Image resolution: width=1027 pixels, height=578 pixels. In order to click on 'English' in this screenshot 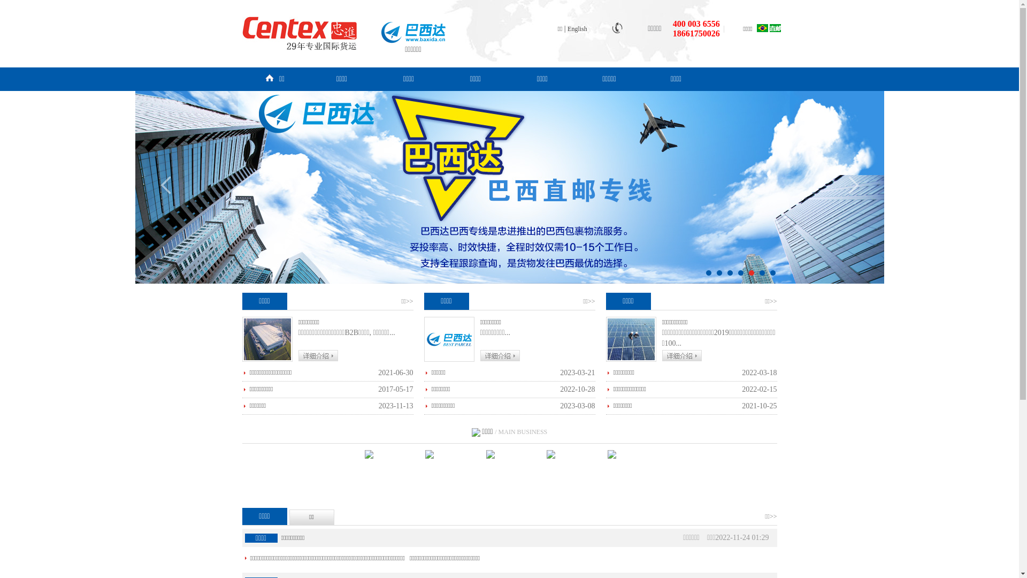, I will do `click(577, 28)`.